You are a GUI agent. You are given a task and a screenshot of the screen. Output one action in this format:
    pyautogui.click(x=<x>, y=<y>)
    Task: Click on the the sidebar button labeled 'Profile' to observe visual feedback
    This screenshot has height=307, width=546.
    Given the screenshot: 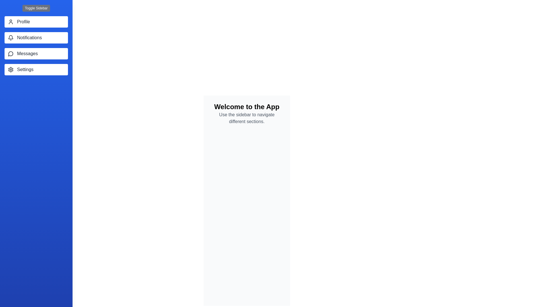 What is the action you would take?
    pyautogui.click(x=36, y=22)
    